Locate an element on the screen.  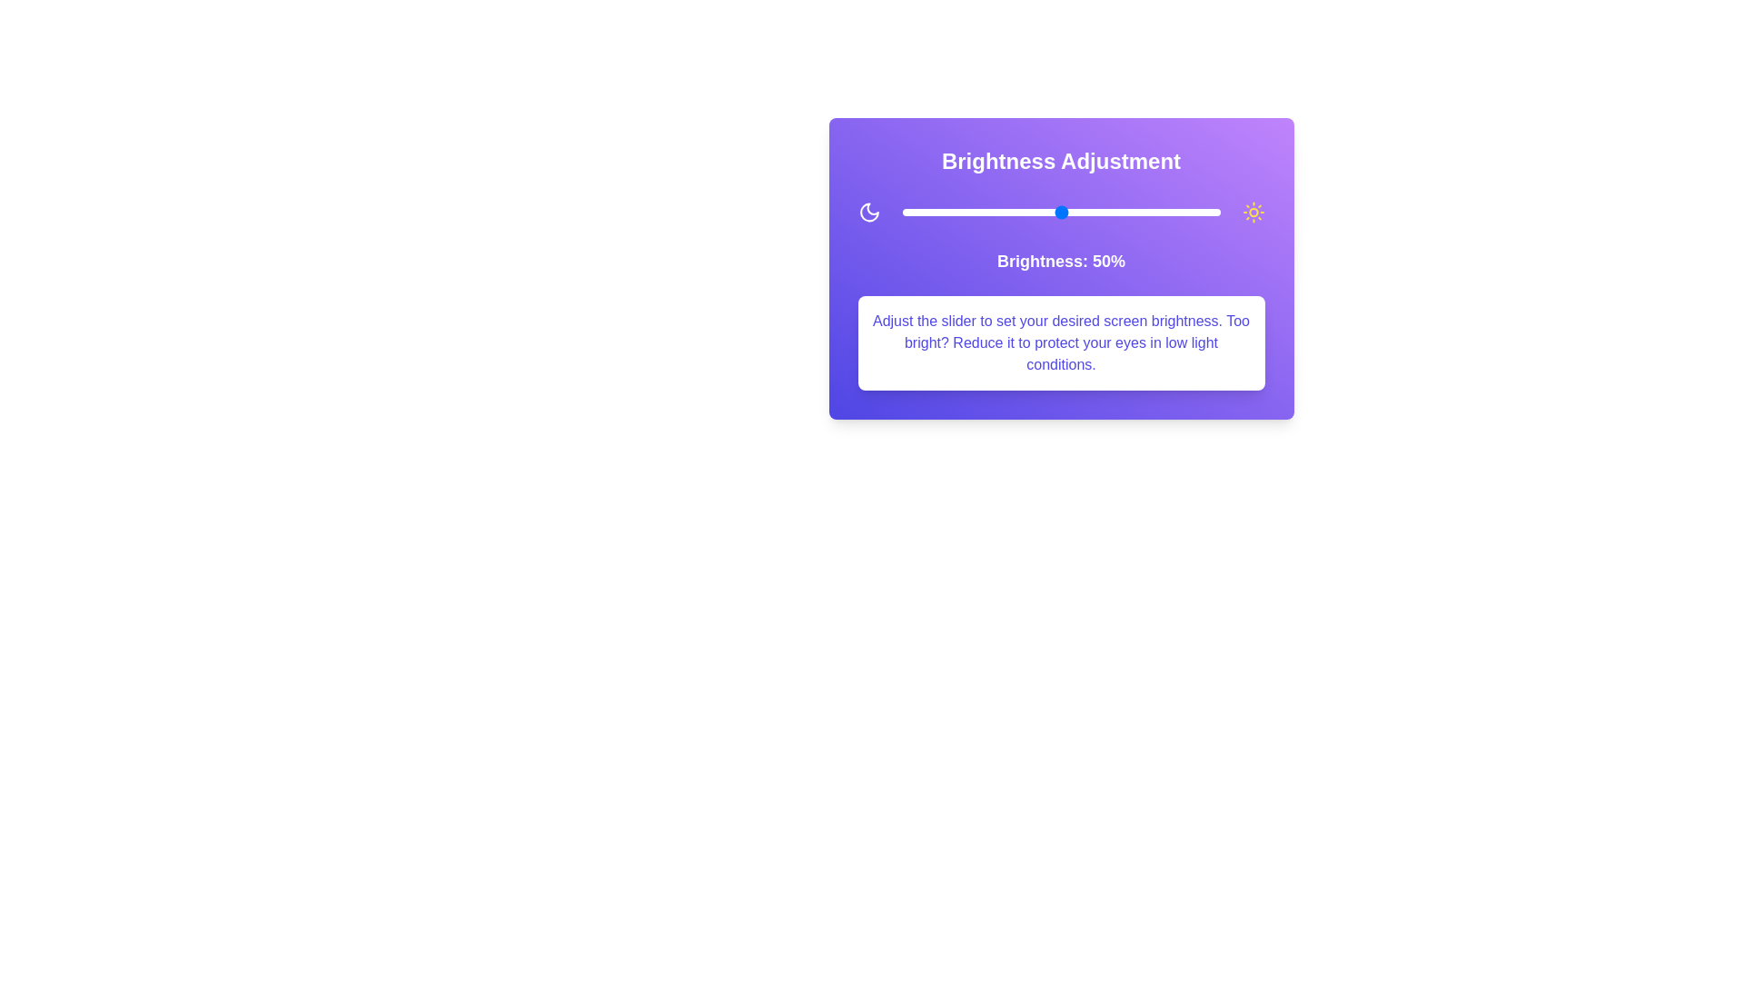
the brightness slider to set it to 54% is located at coordinates (1074, 212).